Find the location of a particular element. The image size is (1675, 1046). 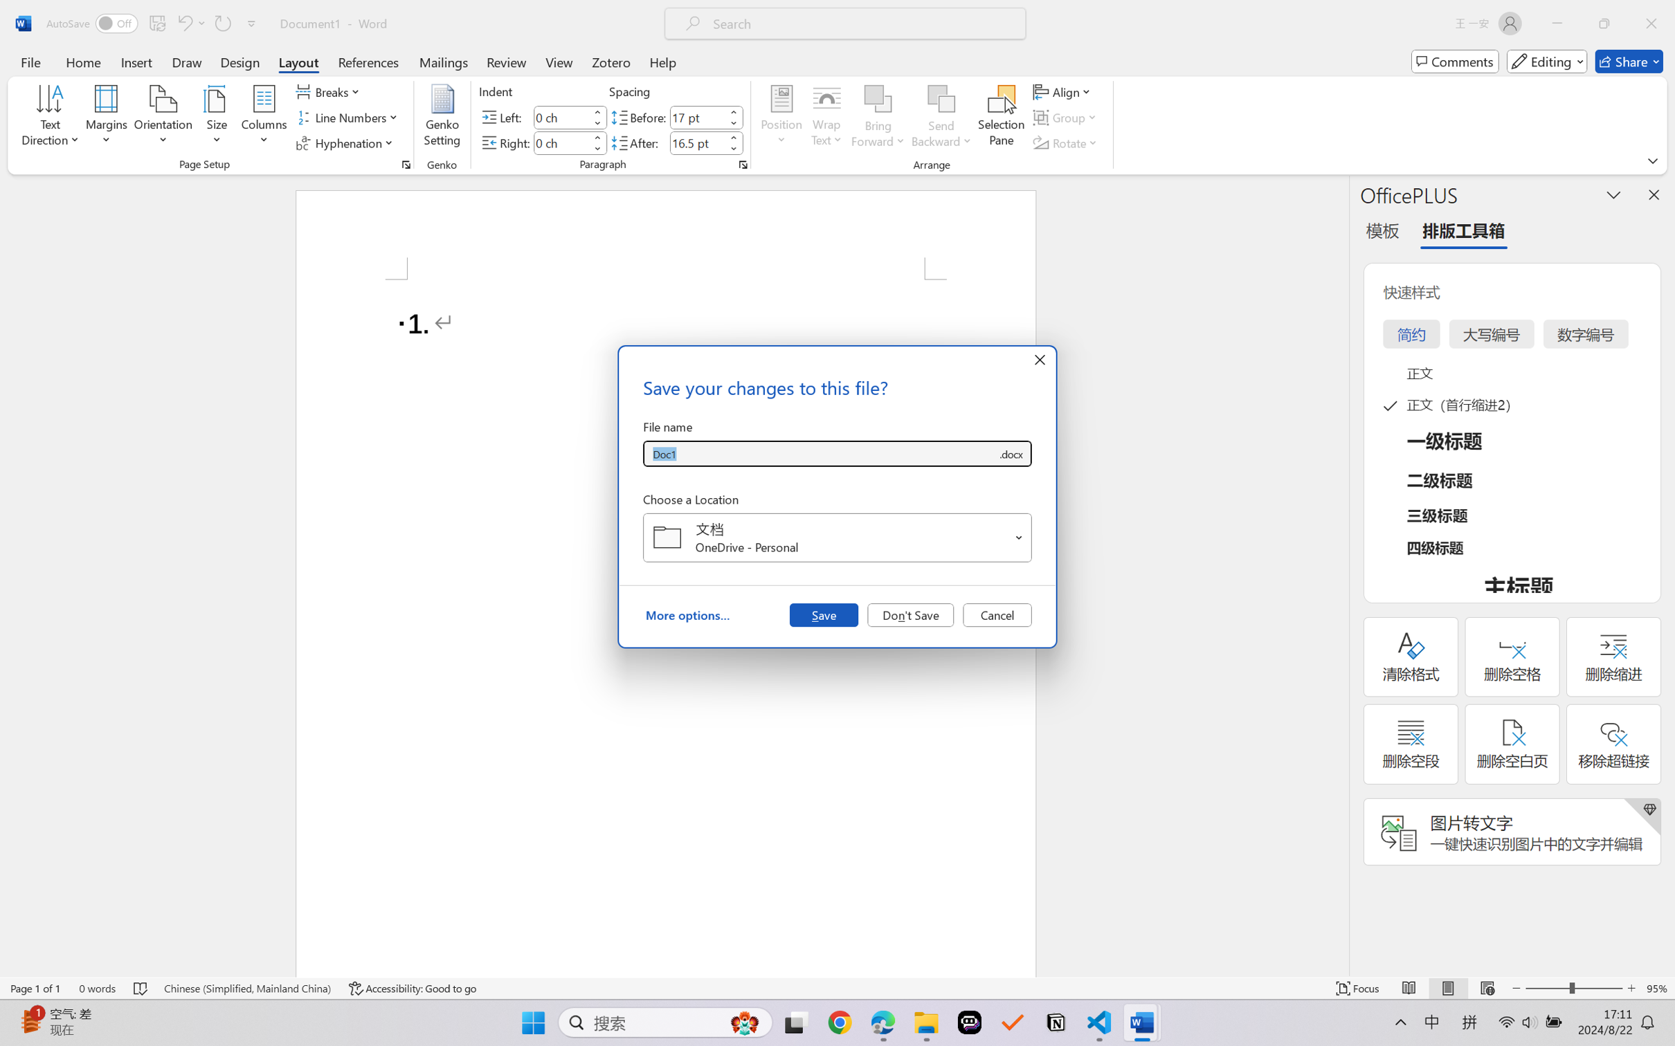

'Cancel' is located at coordinates (997, 614).